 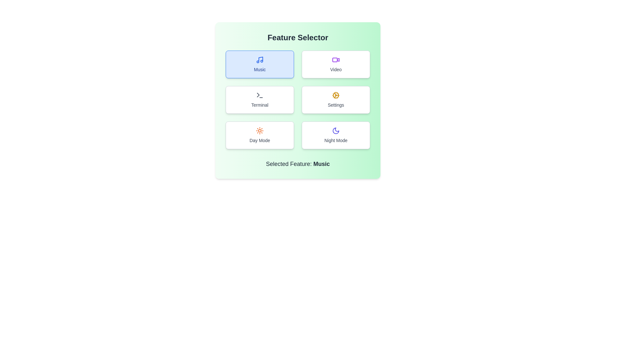 I want to click on the 'Settings' text label located, so click(x=335, y=105).